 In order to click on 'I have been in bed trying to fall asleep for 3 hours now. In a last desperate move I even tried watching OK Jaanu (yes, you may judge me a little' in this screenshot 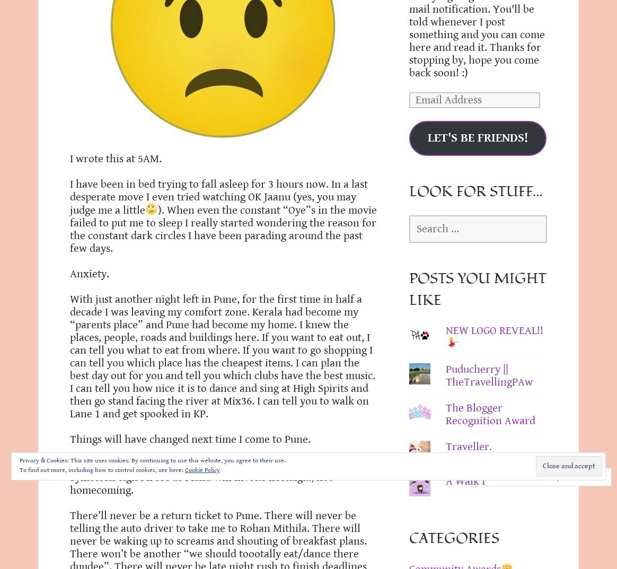, I will do `click(218, 197)`.